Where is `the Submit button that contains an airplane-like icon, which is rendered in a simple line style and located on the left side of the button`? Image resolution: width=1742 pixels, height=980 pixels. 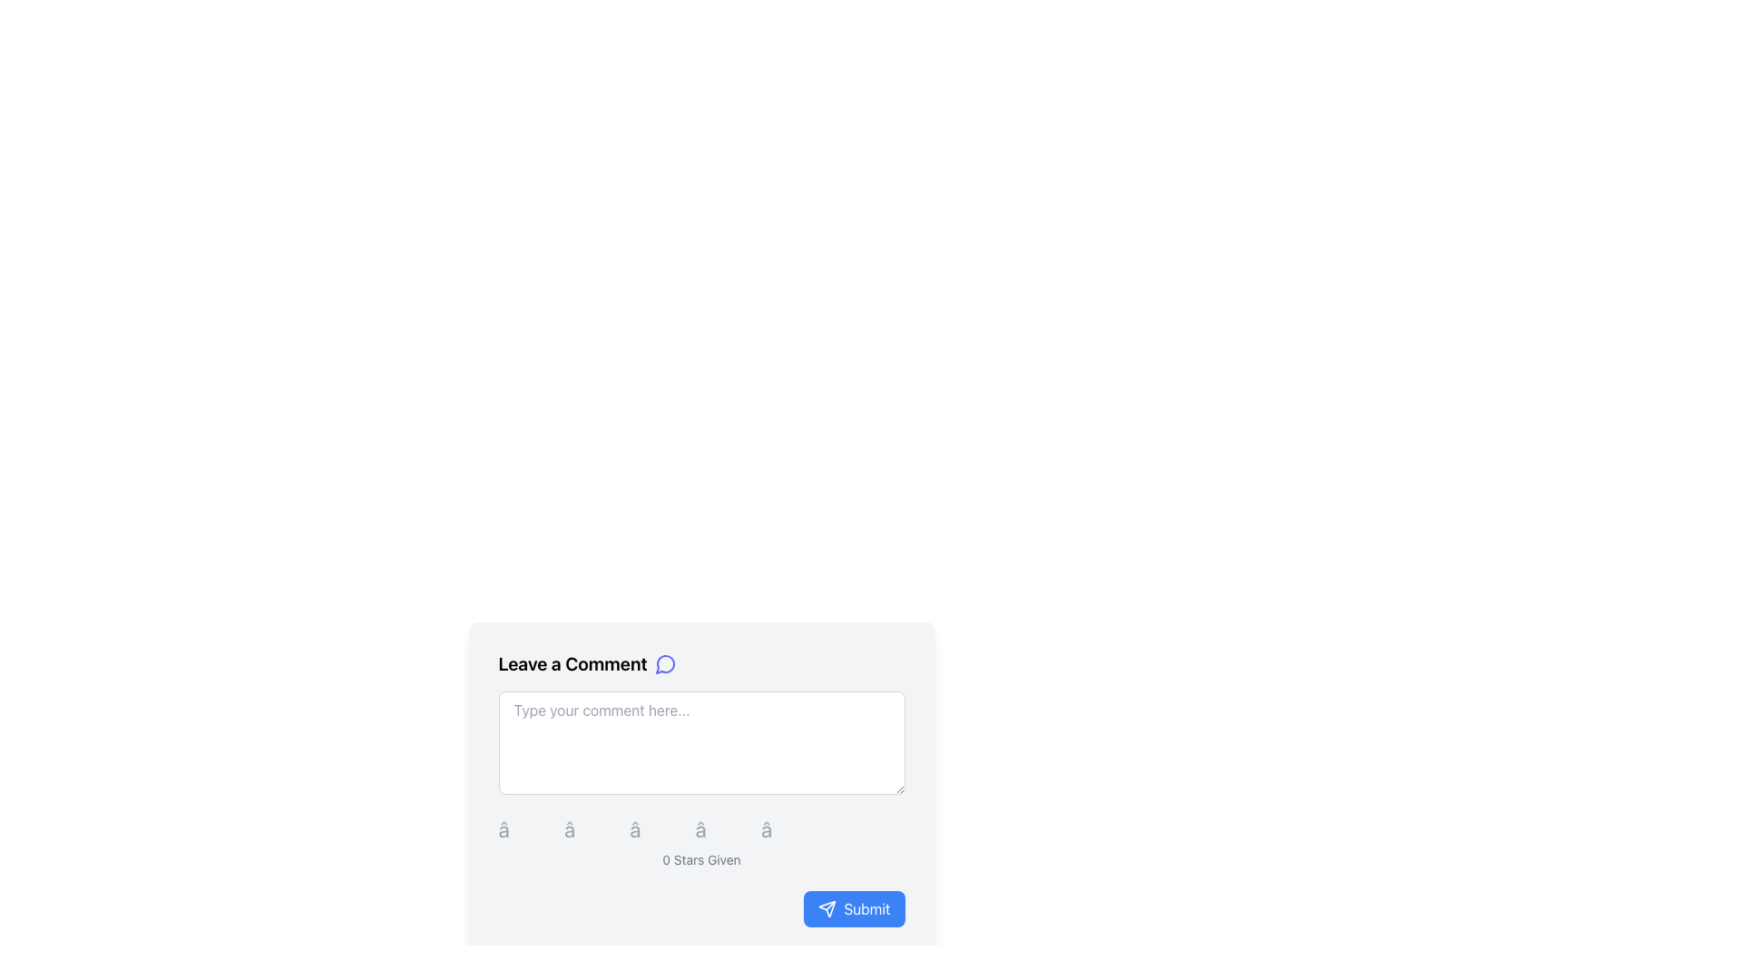
the Submit button that contains an airplane-like icon, which is rendered in a simple line style and located on the left side of the button is located at coordinates (827, 909).